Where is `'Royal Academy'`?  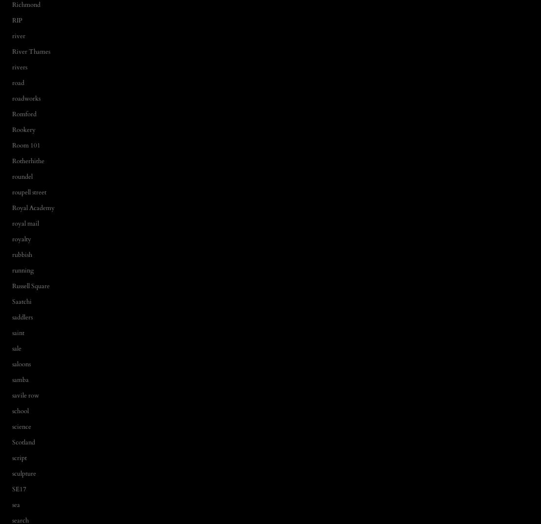
'Royal Academy' is located at coordinates (33, 208).